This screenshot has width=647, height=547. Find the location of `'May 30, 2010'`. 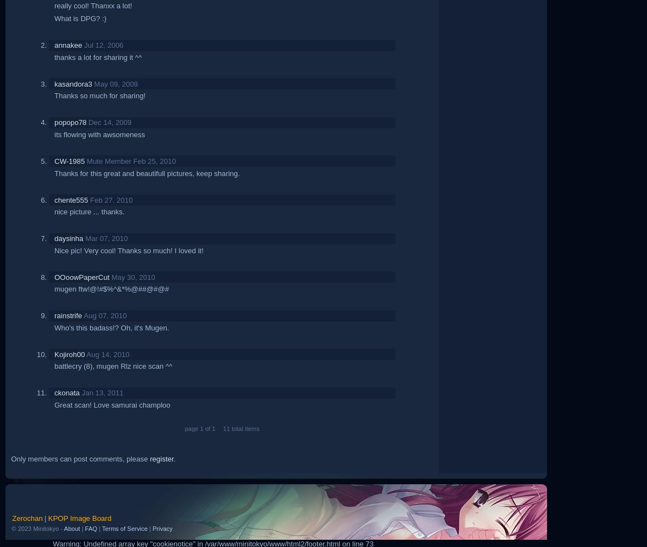

'May 30, 2010' is located at coordinates (133, 277).